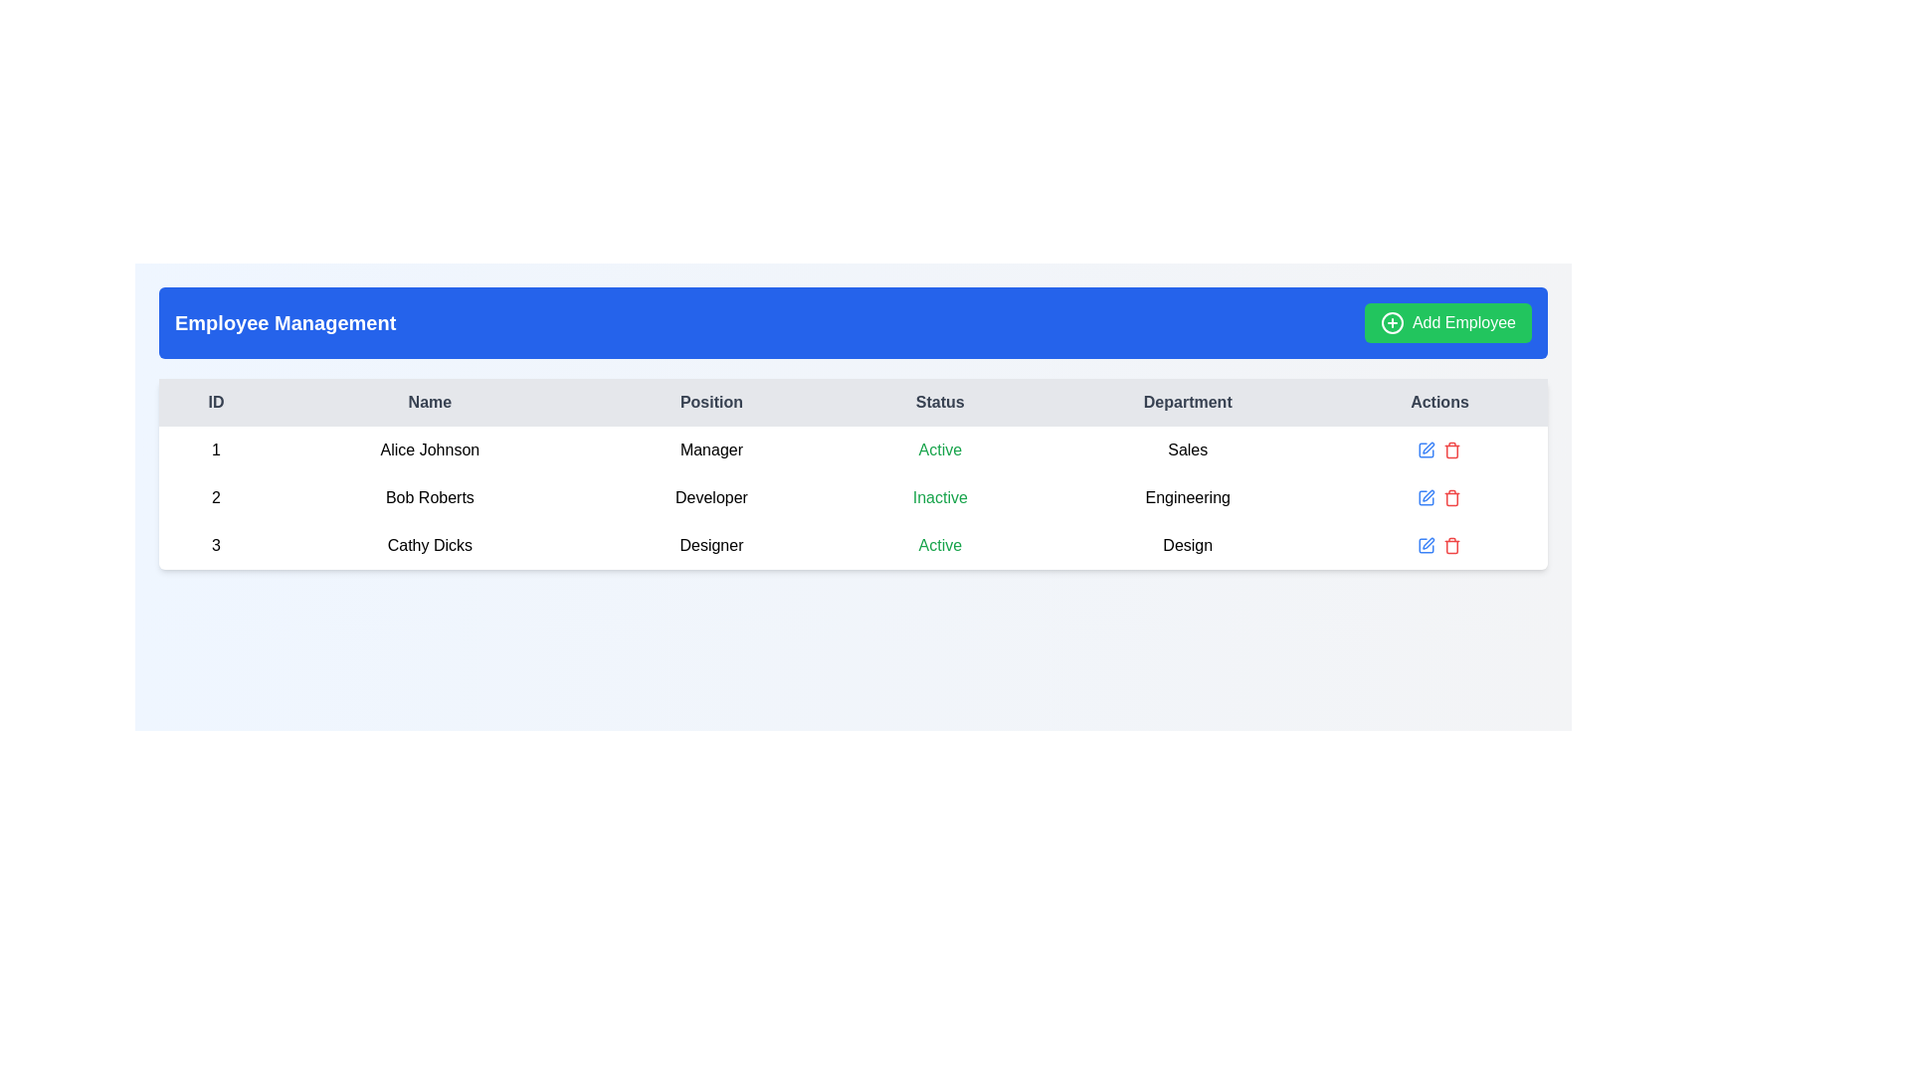 This screenshot has height=1074, width=1910. Describe the element at coordinates (285, 321) in the screenshot. I see `the static label 'Employee Management', which is styled in bold, large white font on a blue background, located at the left side of the header bar` at that location.